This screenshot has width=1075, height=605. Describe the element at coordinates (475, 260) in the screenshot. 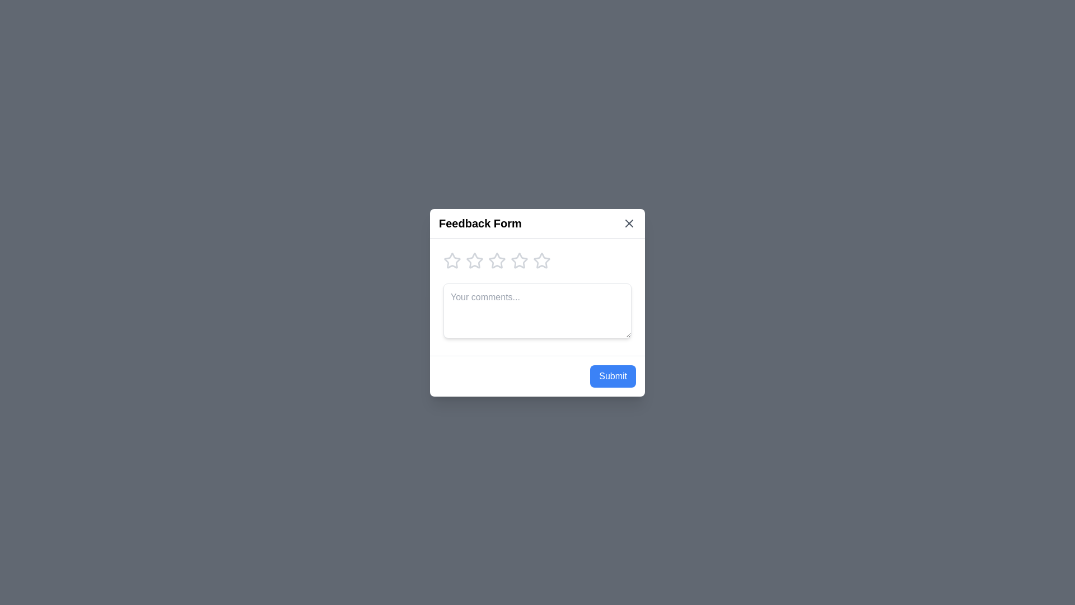

I see `the star corresponding to the desired rating of 2` at that location.